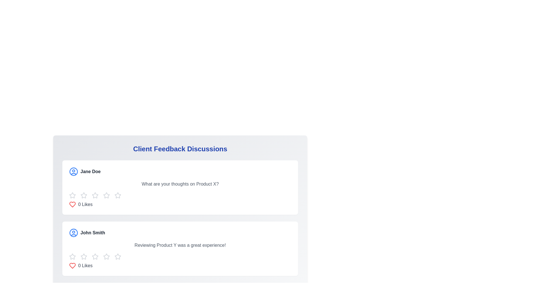 This screenshot has height=306, width=544. What do you see at coordinates (93, 233) in the screenshot?
I see `the second user name text element in the 'Client Feedback Discussions' panel, which represents the name of a user who provided feedback` at bounding box center [93, 233].